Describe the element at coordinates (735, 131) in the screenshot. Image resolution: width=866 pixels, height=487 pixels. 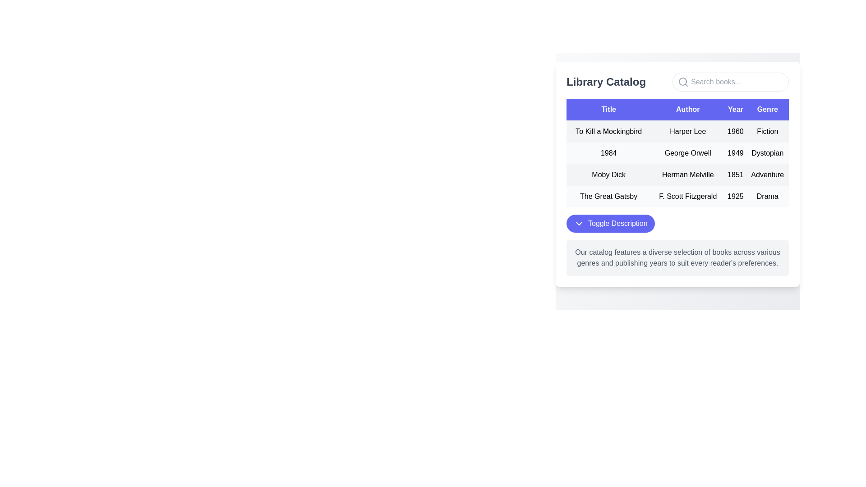
I see `the static text label displaying the publication year of the book 'To Kill a Mockingbird', which is centrally aligned in the 'Year' column of the table` at that location.